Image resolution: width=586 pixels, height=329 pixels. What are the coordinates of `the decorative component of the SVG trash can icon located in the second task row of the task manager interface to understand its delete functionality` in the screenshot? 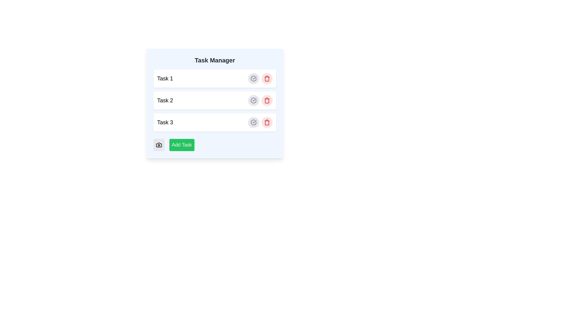 It's located at (267, 101).